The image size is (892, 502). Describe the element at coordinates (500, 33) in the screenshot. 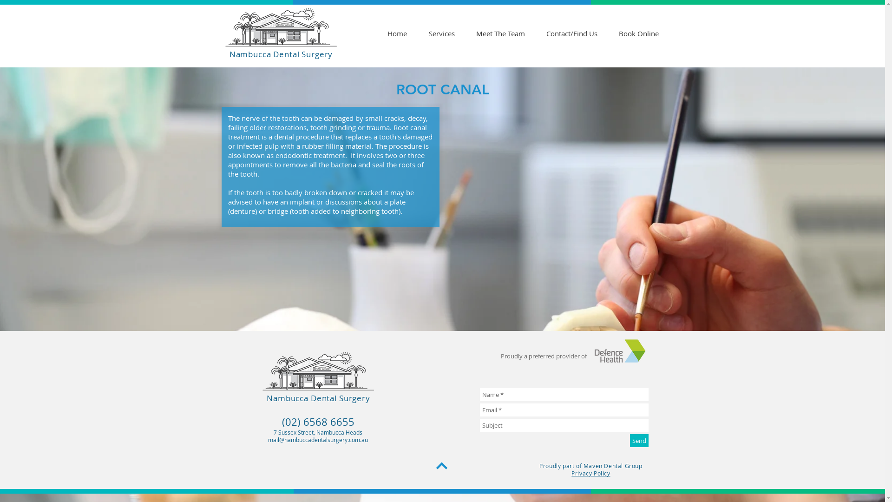

I see `'Meet The Team'` at that location.